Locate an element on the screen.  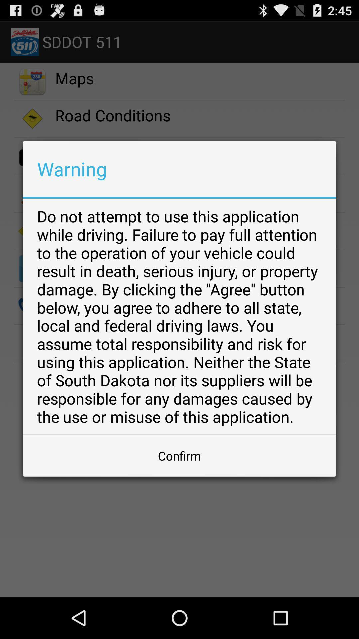
the confirm icon is located at coordinates (179, 455).